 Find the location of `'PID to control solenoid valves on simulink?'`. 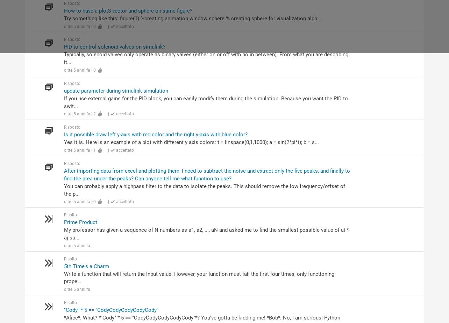

'PID to control solenoid valves on simulink?' is located at coordinates (63, 46).